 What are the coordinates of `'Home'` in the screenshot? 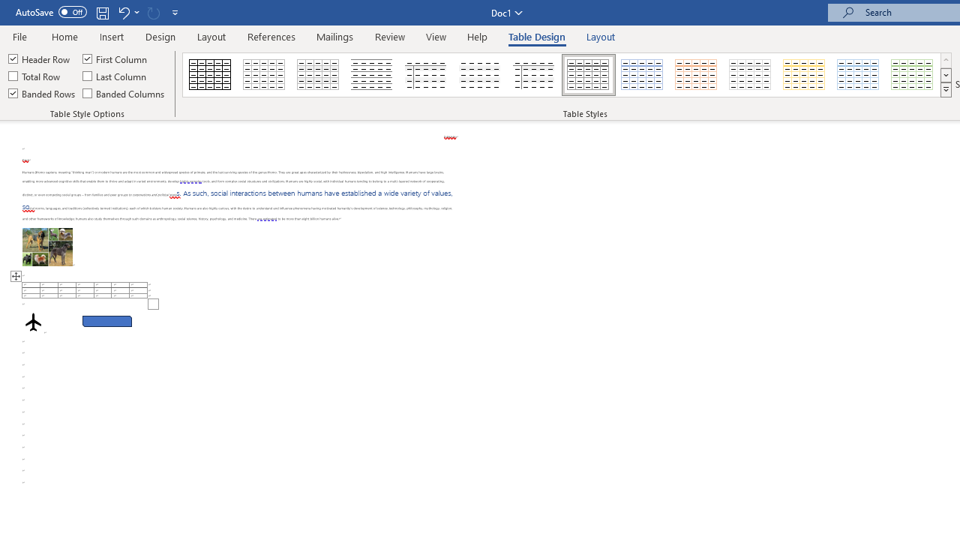 It's located at (64, 36).